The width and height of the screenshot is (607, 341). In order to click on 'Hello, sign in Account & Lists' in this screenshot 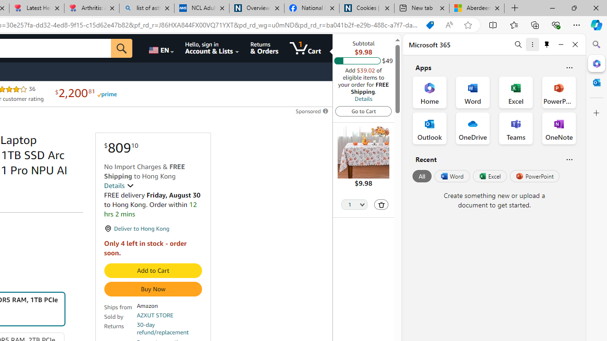, I will do `click(212, 48)`.